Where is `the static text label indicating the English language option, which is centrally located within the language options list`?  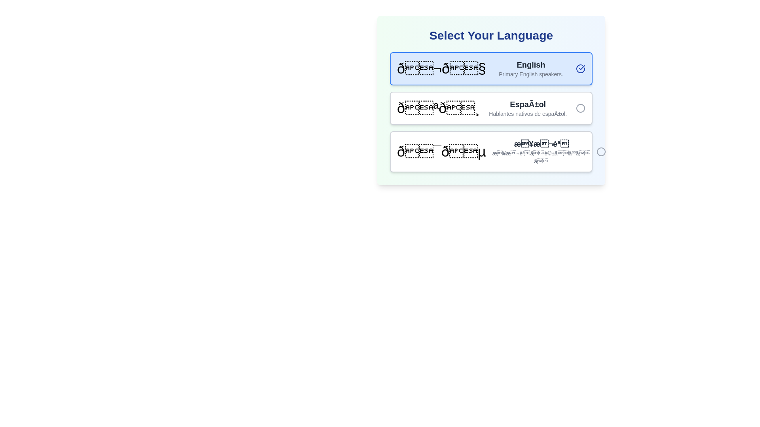 the static text label indicating the English language option, which is centrally located within the language options list is located at coordinates (531, 64).